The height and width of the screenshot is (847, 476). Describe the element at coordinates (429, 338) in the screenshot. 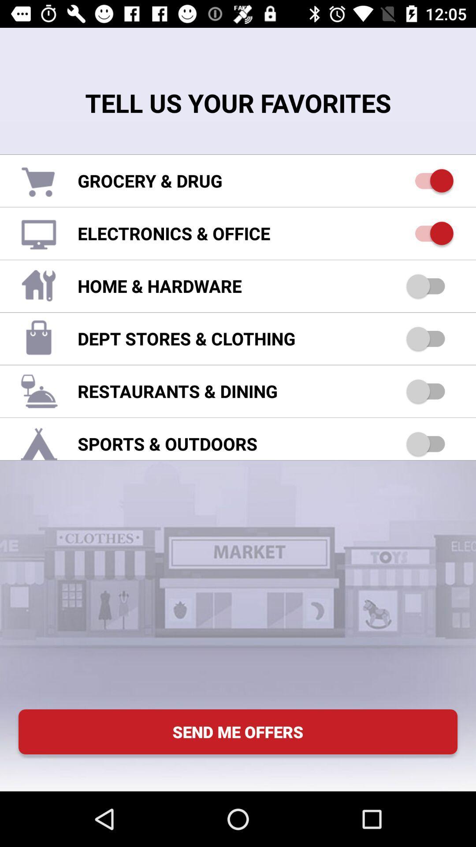

I see `dept stores and clothing options` at that location.